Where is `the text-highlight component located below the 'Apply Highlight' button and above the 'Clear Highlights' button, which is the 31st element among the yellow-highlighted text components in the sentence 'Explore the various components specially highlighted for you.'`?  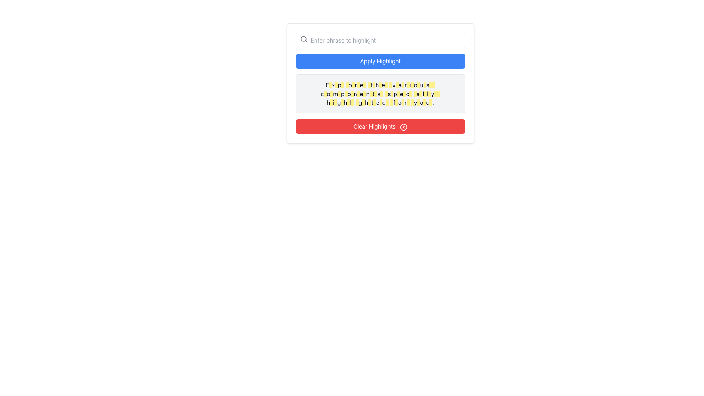 the text-highlight component located below the 'Apply Highlight' button and above the 'Clear Highlights' button, which is the 31st element among the yellow-highlighted text components in the sentence 'Explore the various components specially highlighted for you.' is located at coordinates (415, 93).